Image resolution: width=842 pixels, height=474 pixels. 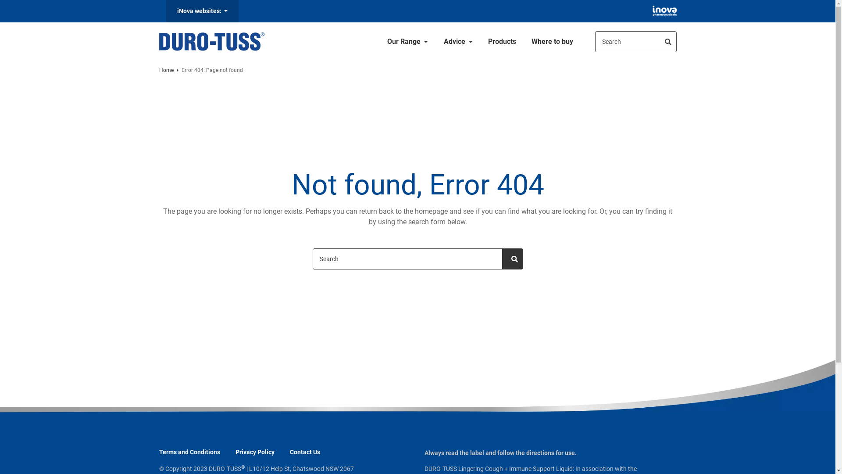 What do you see at coordinates (254, 452) in the screenshot?
I see `'Privacy Policy'` at bounding box center [254, 452].